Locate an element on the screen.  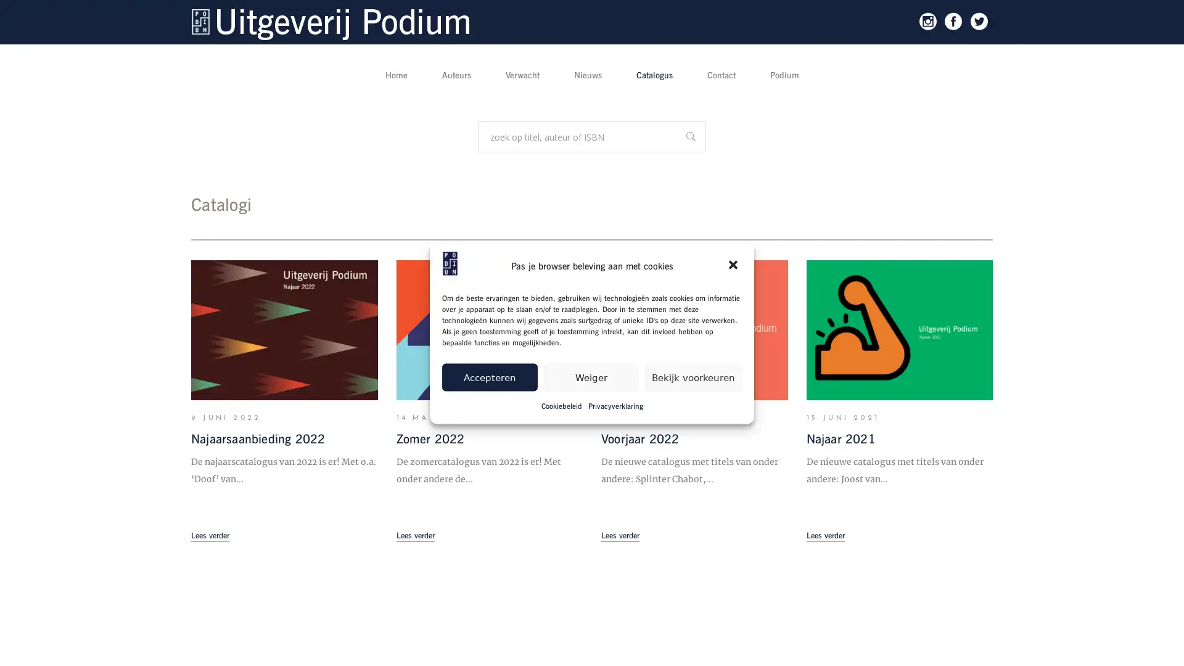
Bekijk voorkeuren is located at coordinates (693, 376).